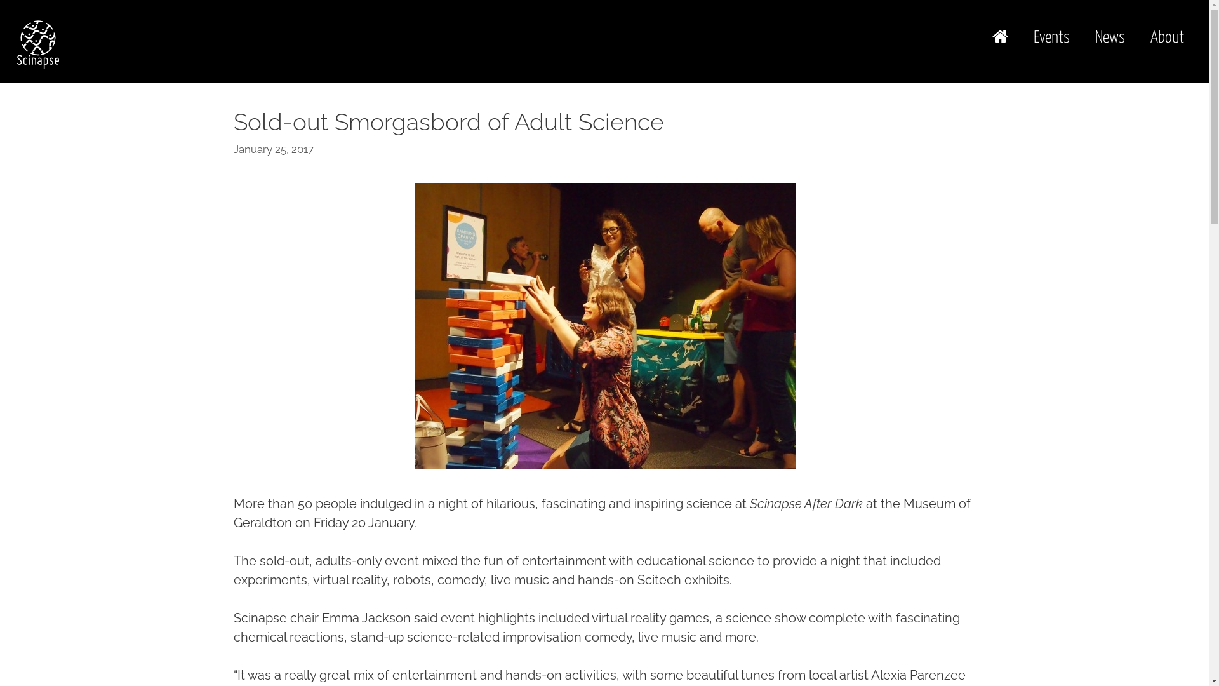  What do you see at coordinates (1167, 37) in the screenshot?
I see `'About'` at bounding box center [1167, 37].